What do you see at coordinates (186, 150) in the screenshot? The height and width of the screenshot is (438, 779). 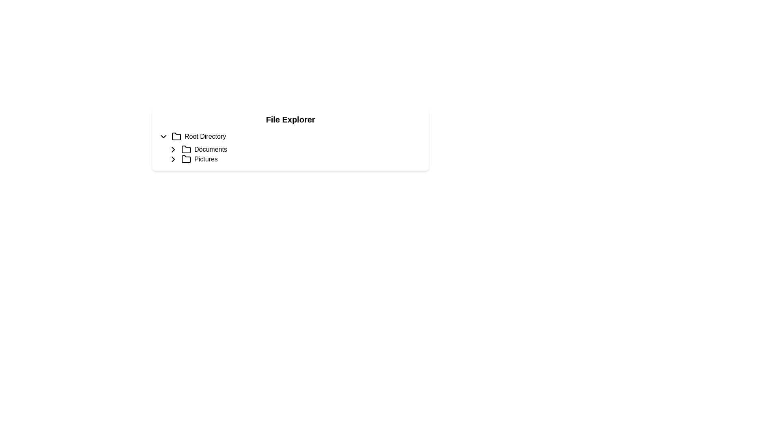 I see `the folder icon representing 'Documents' that is located to the left of the label in the navigation panel` at bounding box center [186, 150].